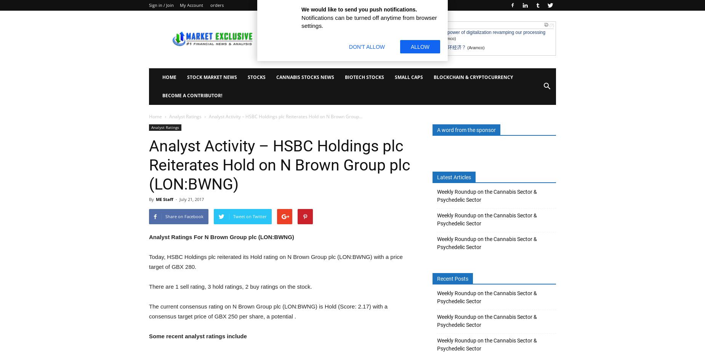 The height and width of the screenshot is (352, 705). Describe the element at coordinates (268, 311) in the screenshot. I see `'The current consensus rating on N Brown Group plc (LON:BWNG) is Hold (Score: 2.17) with a consensus target price of GBX 250 per share, a potential .'` at that location.